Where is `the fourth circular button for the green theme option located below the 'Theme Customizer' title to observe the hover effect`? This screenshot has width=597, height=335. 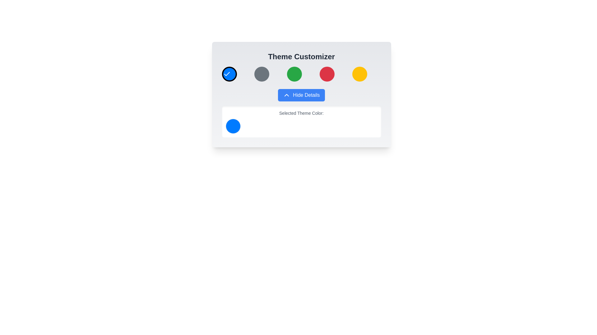
the fourth circular button for the green theme option located below the 'Theme Customizer' title to observe the hover effect is located at coordinates (294, 74).